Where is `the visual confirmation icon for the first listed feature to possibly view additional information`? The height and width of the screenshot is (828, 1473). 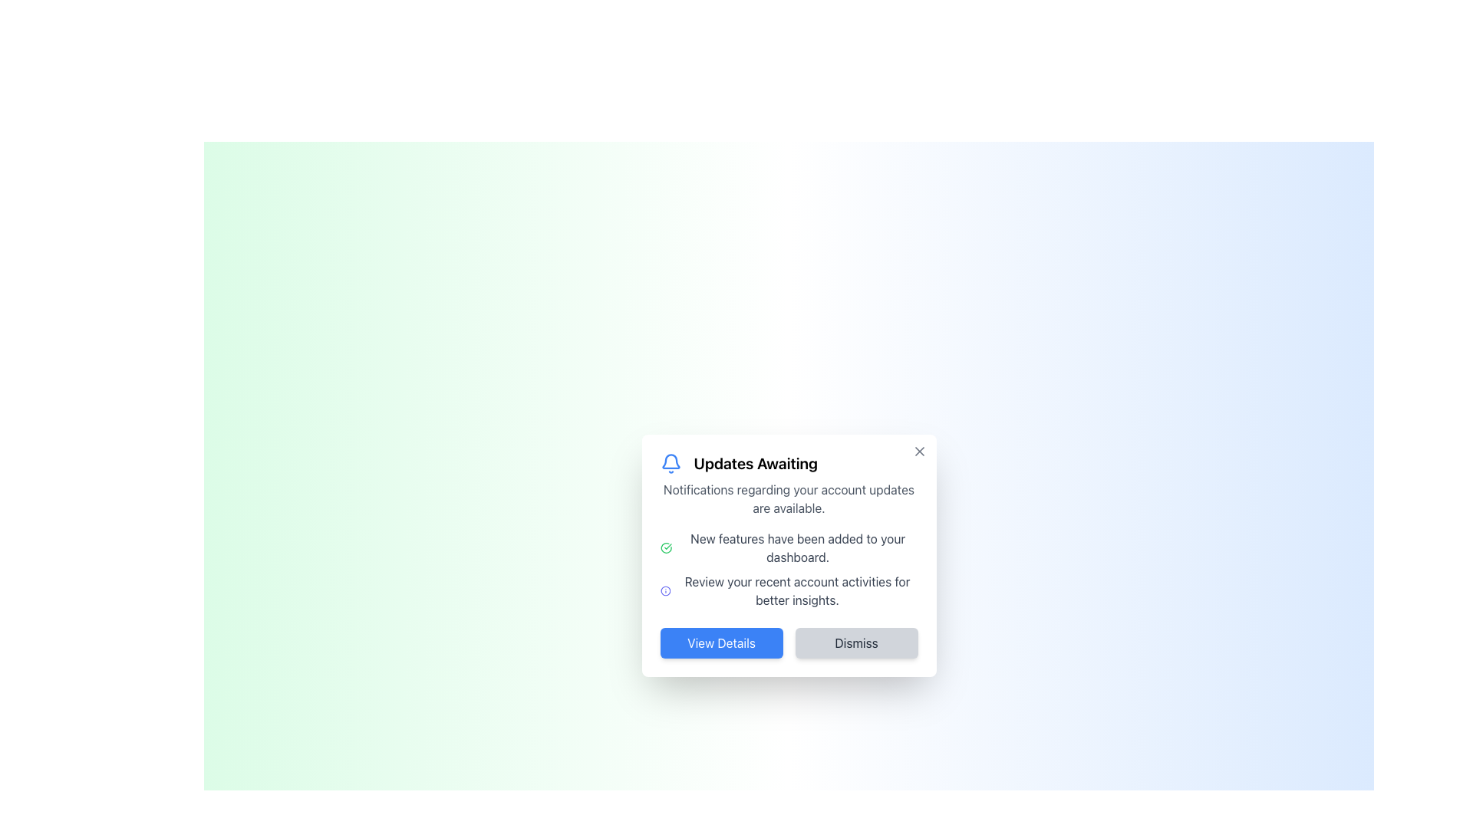 the visual confirmation icon for the first listed feature to possibly view additional information is located at coordinates (666, 547).